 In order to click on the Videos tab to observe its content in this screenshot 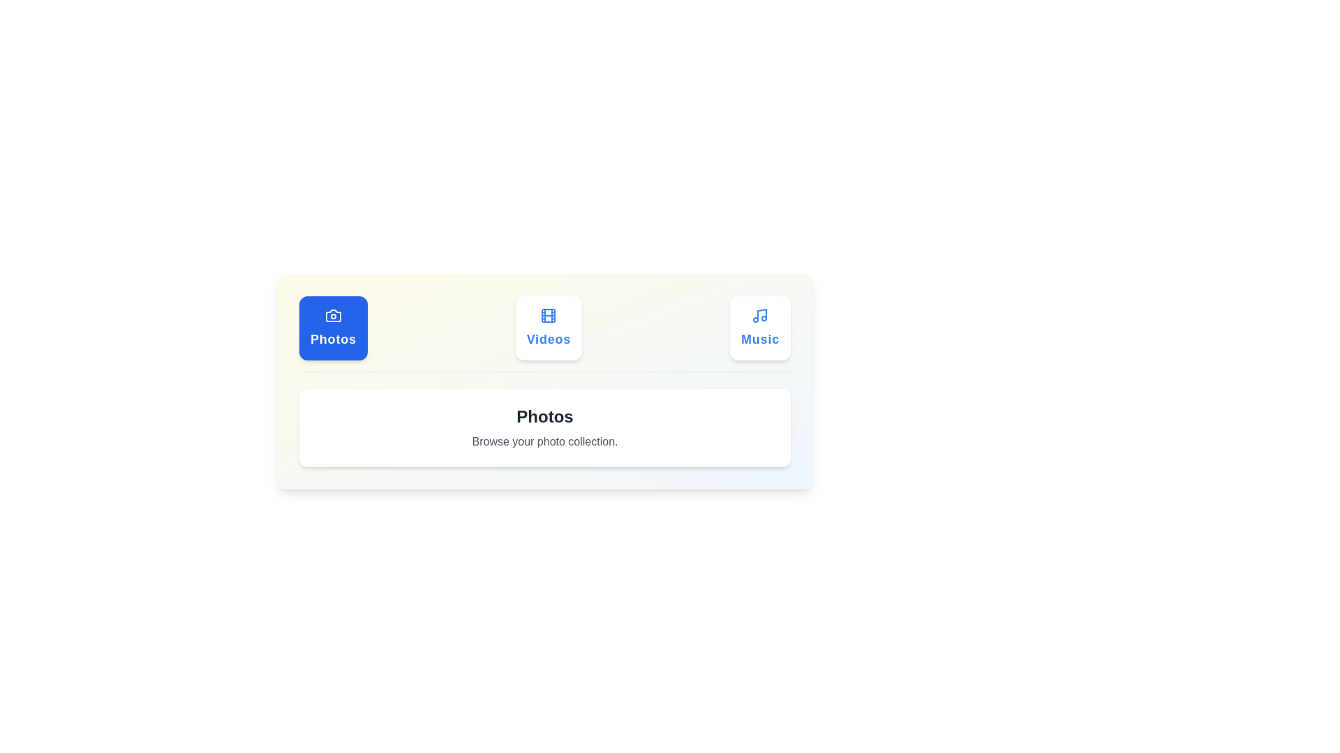, I will do `click(548, 328)`.